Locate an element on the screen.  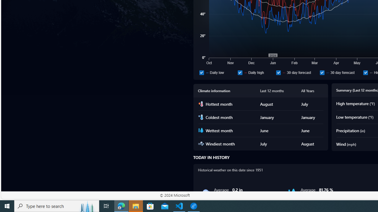
'Daily high' is located at coordinates (240, 72).